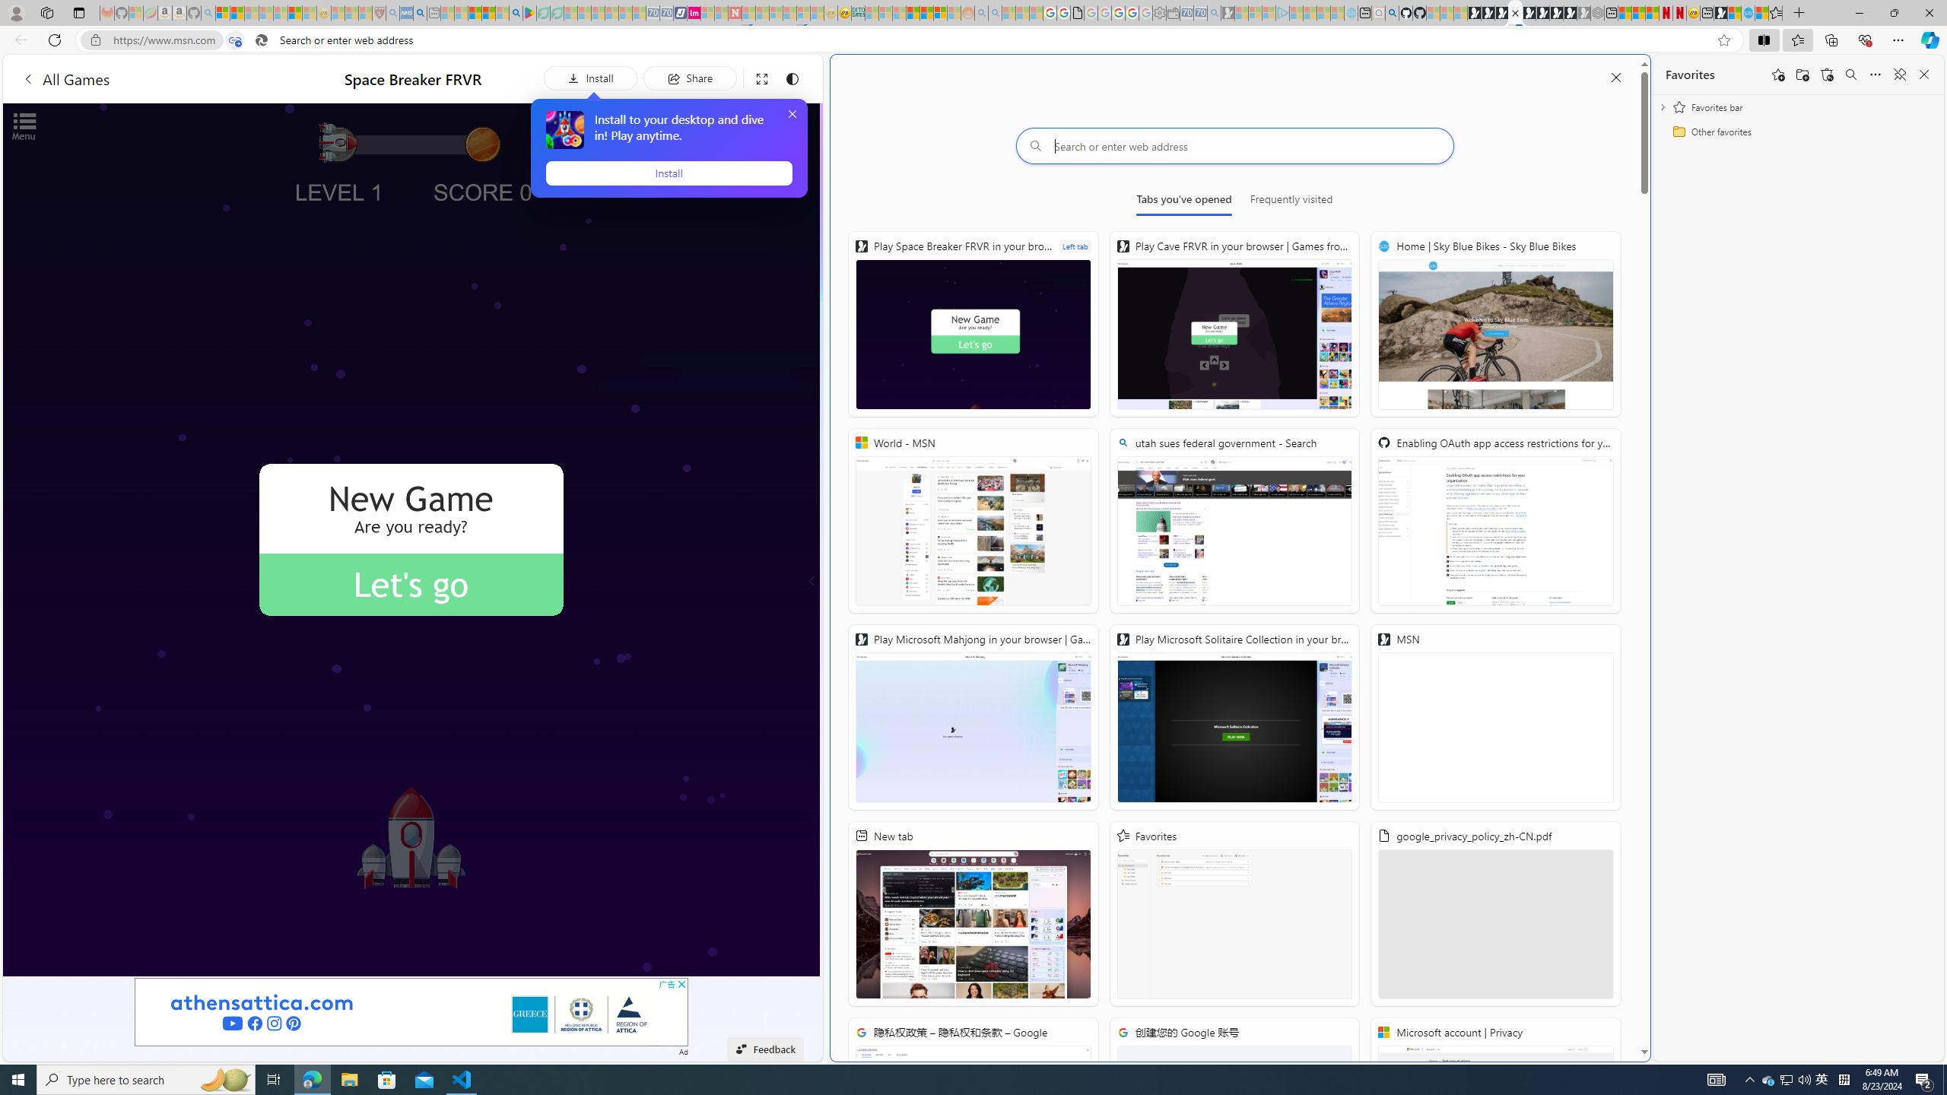 The width and height of the screenshot is (1947, 1095). What do you see at coordinates (1801, 73) in the screenshot?
I see `'Add folder'` at bounding box center [1801, 73].